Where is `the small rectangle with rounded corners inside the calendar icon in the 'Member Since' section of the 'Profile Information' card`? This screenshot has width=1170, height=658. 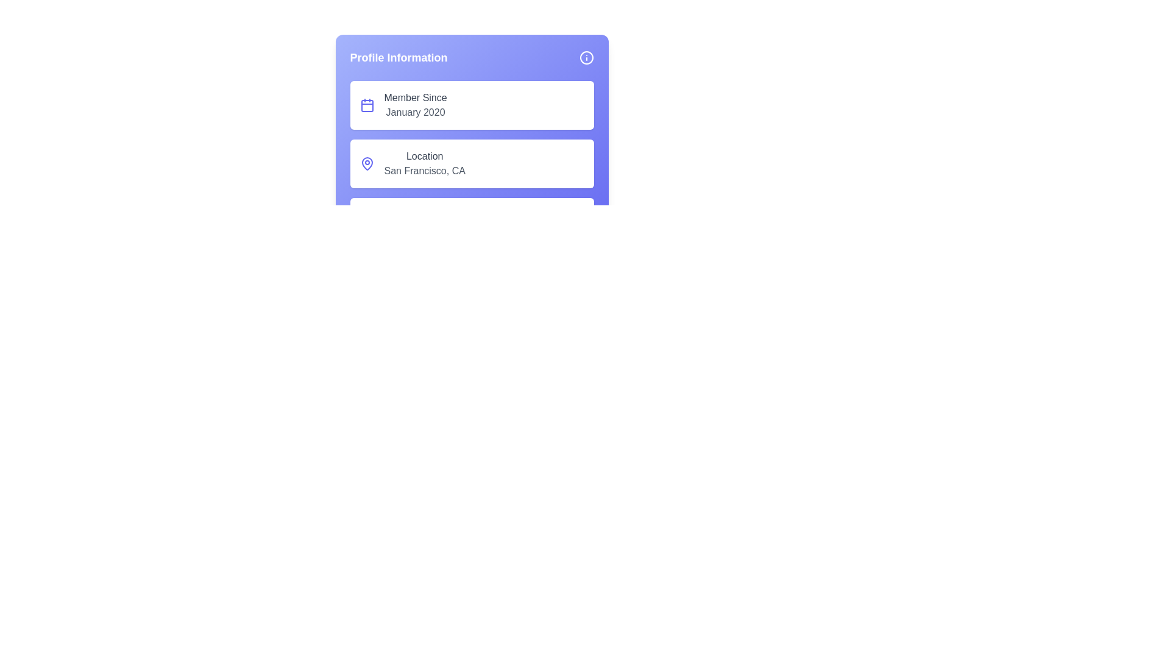 the small rectangle with rounded corners inside the calendar icon in the 'Member Since' section of the 'Profile Information' card is located at coordinates (366, 105).